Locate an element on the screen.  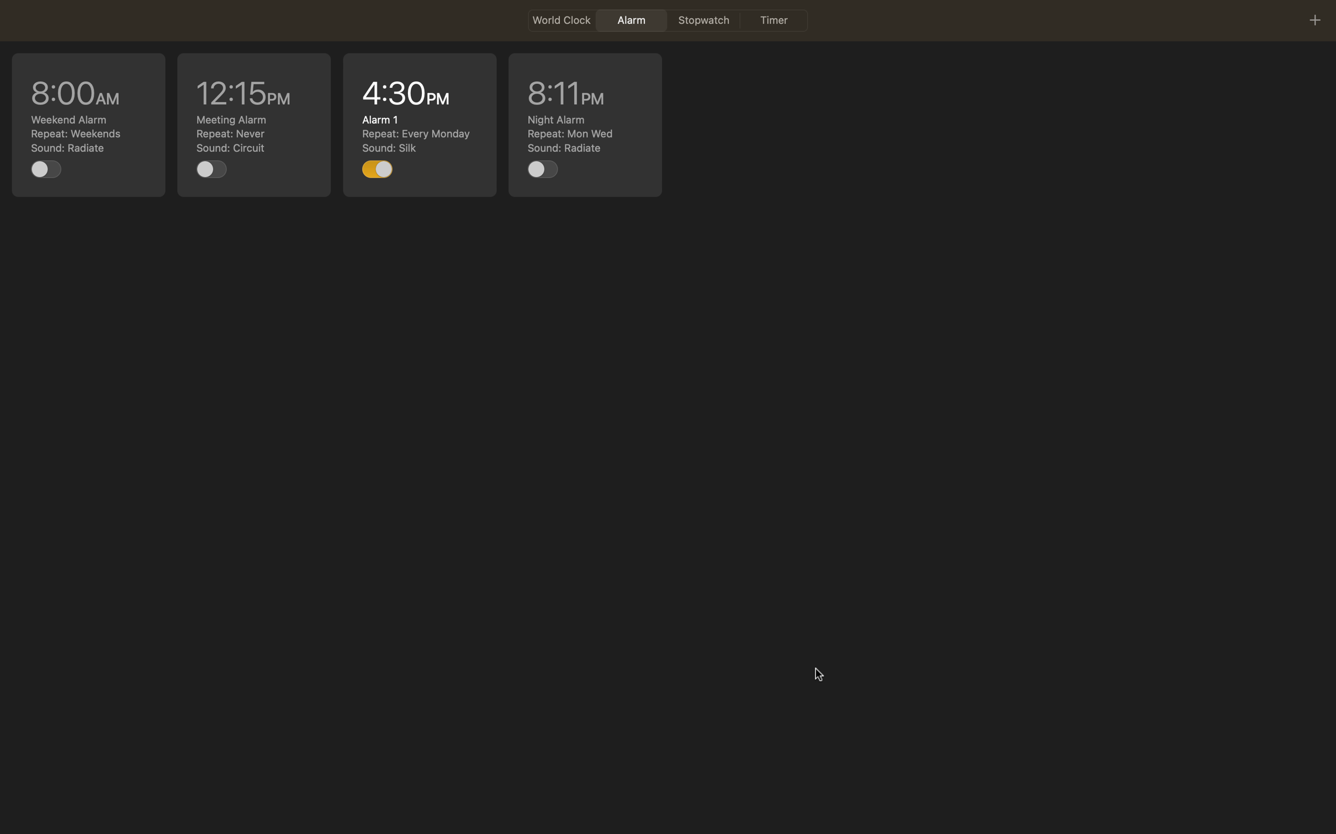
the "add" button to introduce a new task is located at coordinates (1314, 19).